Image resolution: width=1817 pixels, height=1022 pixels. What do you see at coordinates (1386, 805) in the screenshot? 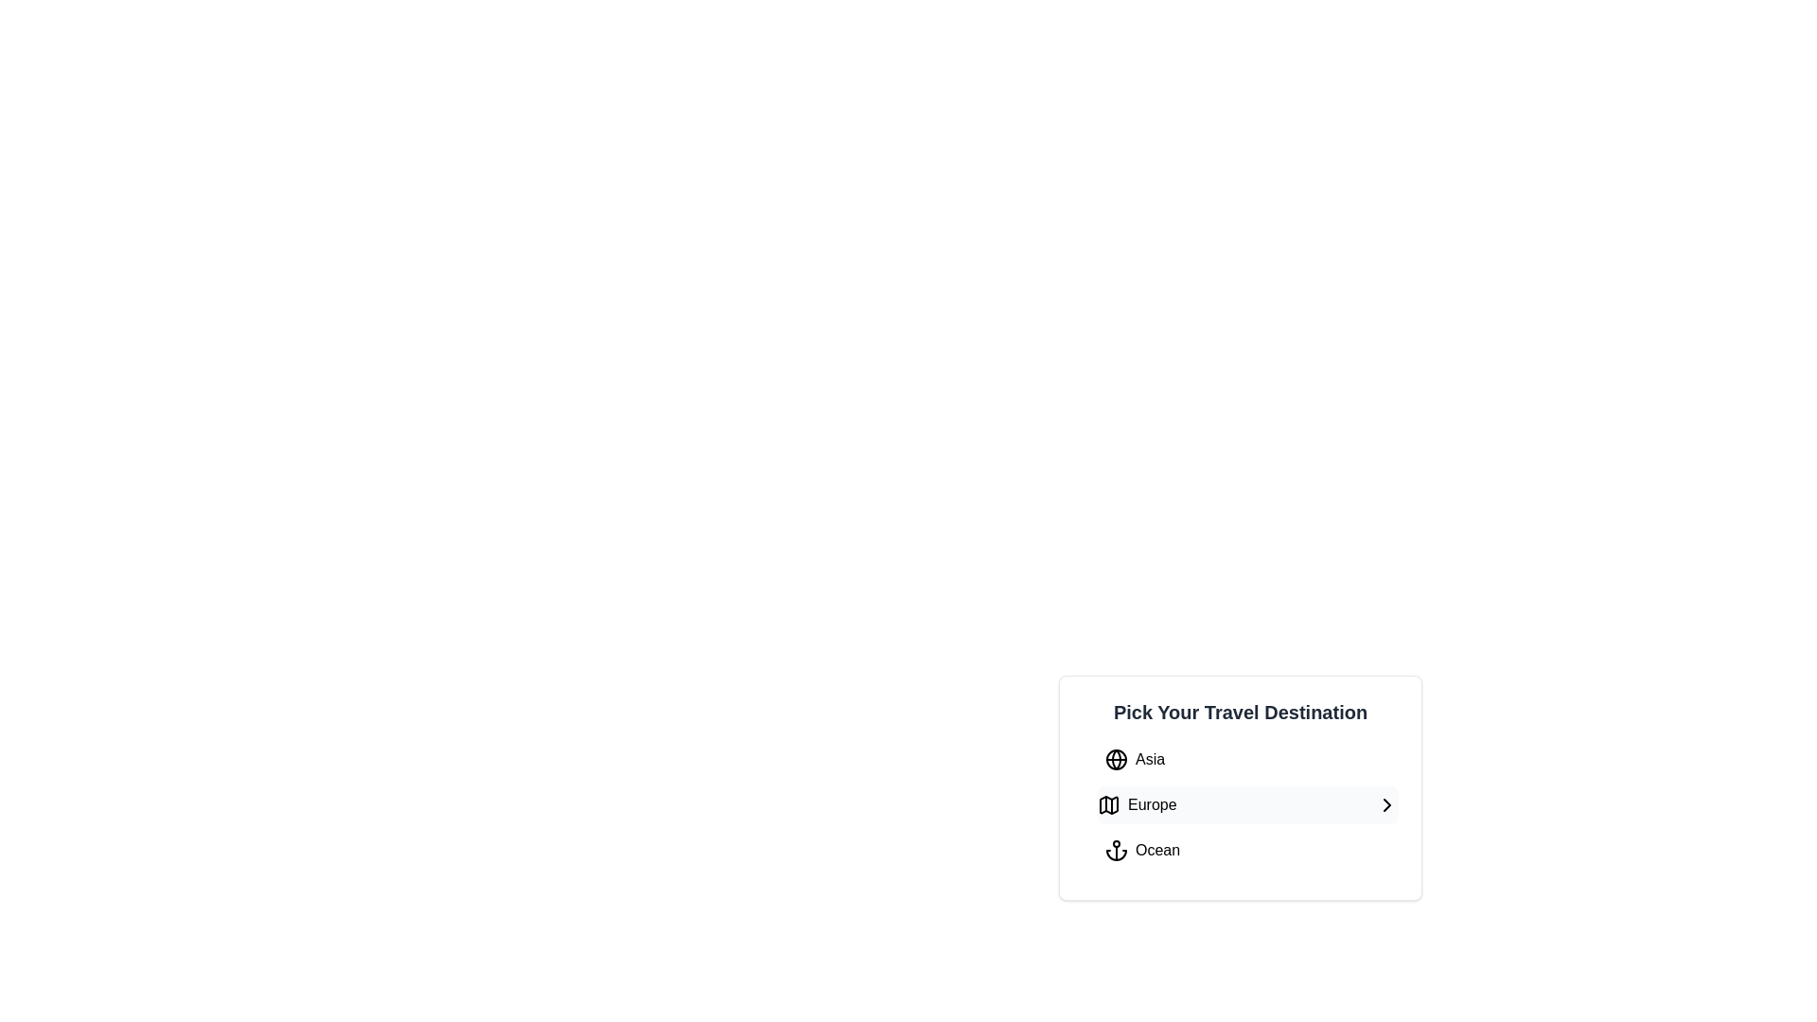
I see `the chevron icon pointing to the right, located adjacent to the text 'Europe' in the 'Pick Your Travel Destination' section` at bounding box center [1386, 805].